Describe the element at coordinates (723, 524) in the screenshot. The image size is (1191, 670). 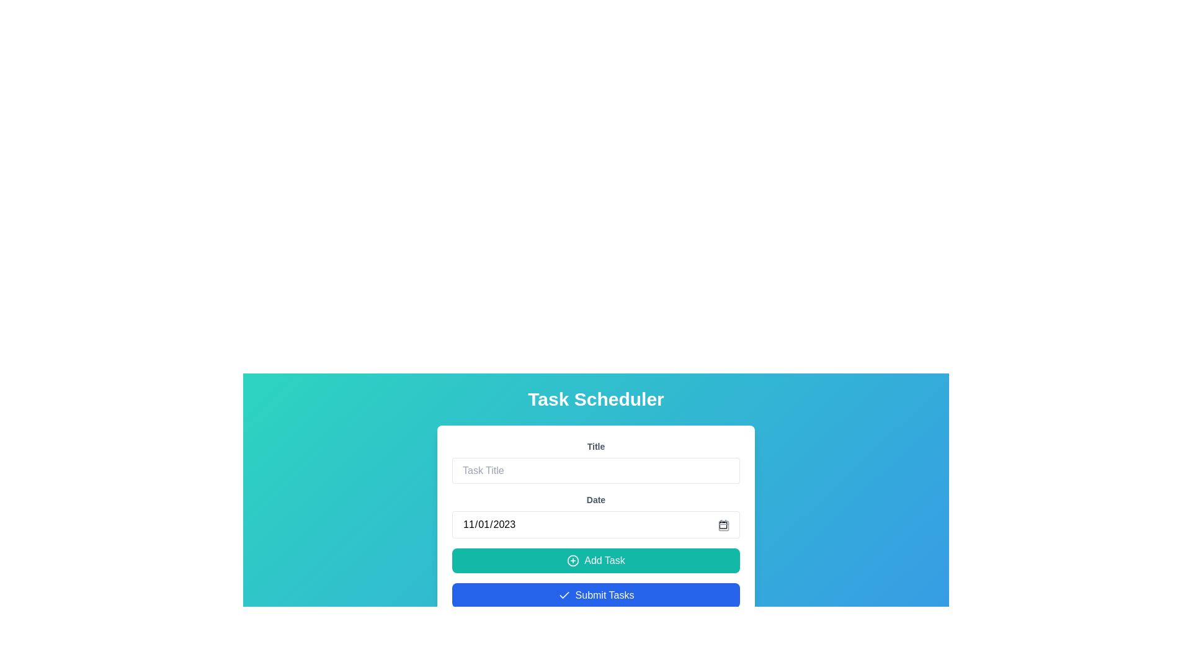
I see `the date picker icon located to the right of the 'Date' input field in the task-scheduling form` at that location.